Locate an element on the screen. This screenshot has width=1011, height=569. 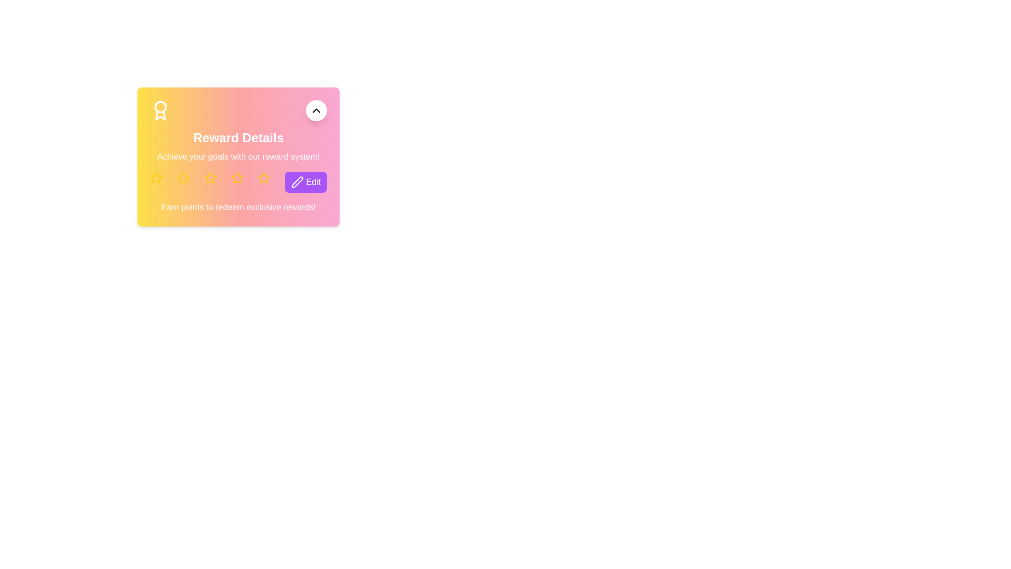
the fifth rating star in the 'Reward Details' section is located at coordinates (264, 177).